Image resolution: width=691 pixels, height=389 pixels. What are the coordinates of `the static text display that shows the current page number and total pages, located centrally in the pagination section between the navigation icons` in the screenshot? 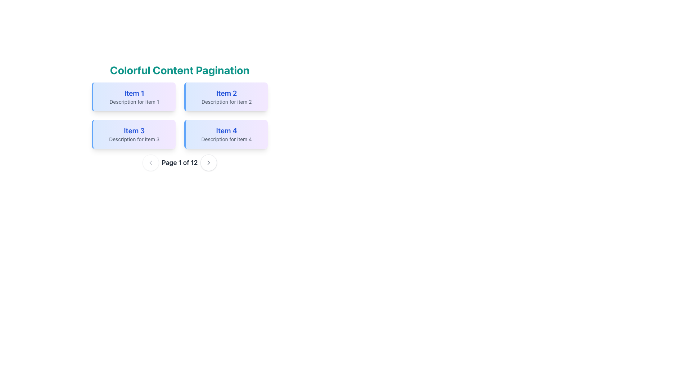 It's located at (180, 162).